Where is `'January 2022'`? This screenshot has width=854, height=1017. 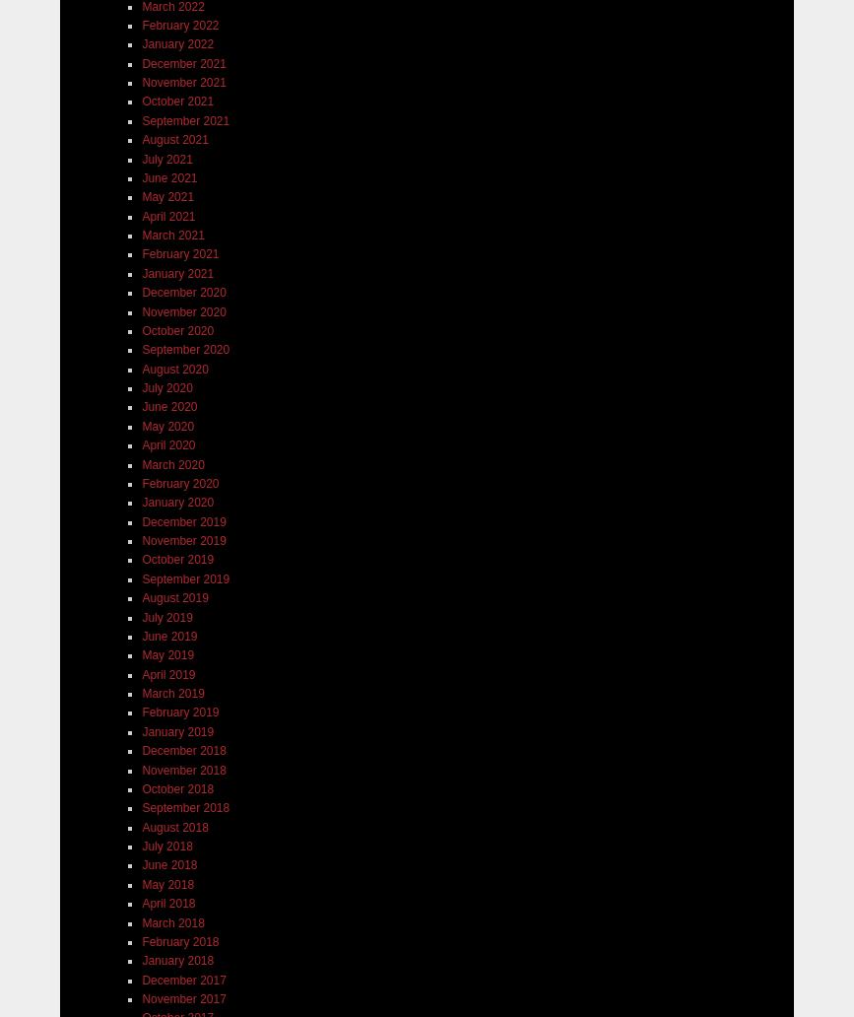
'January 2022' is located at coordinates (177, 43).